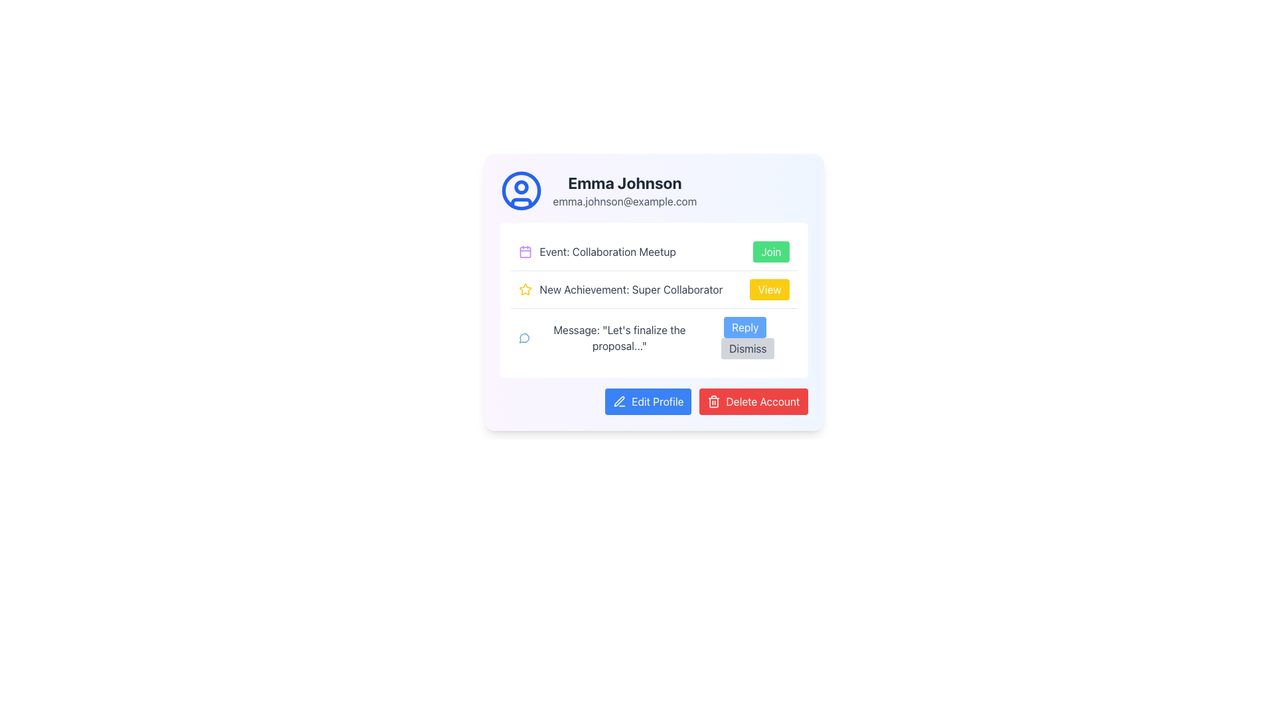 Image resolution: width=1274 pixels, height=716 pixels. Describe the element at coordinates (654, 252) in the screenshot. I see `the first informational row containing a purple calendar icon, bold text 'Event: Collaboration Meetup', and a green 'Join' button` at that location.